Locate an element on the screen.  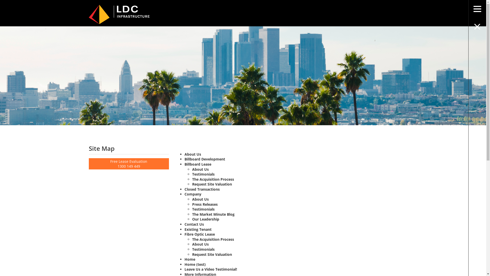
'Home' is located at coordinates (190, 259).